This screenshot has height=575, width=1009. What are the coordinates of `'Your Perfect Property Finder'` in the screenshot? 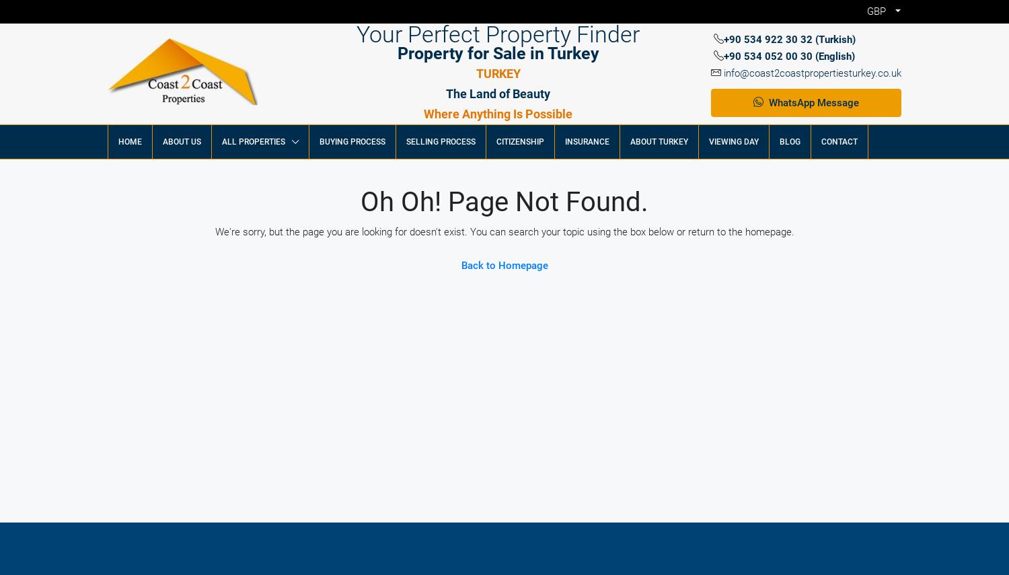 It's located at (356, 33).